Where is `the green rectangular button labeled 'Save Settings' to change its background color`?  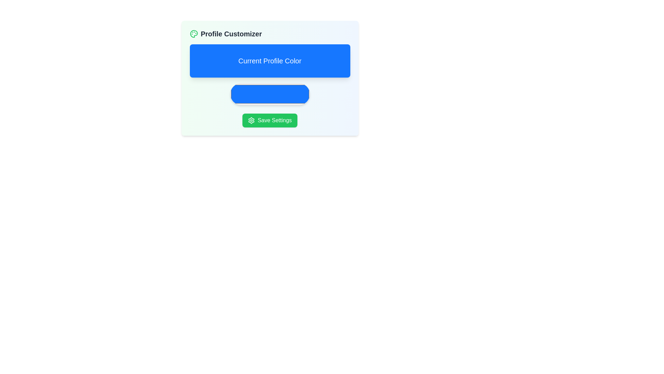 the green rectangular button labeled 'Save Settings' to change its background color is located at coordinates (269, 120).